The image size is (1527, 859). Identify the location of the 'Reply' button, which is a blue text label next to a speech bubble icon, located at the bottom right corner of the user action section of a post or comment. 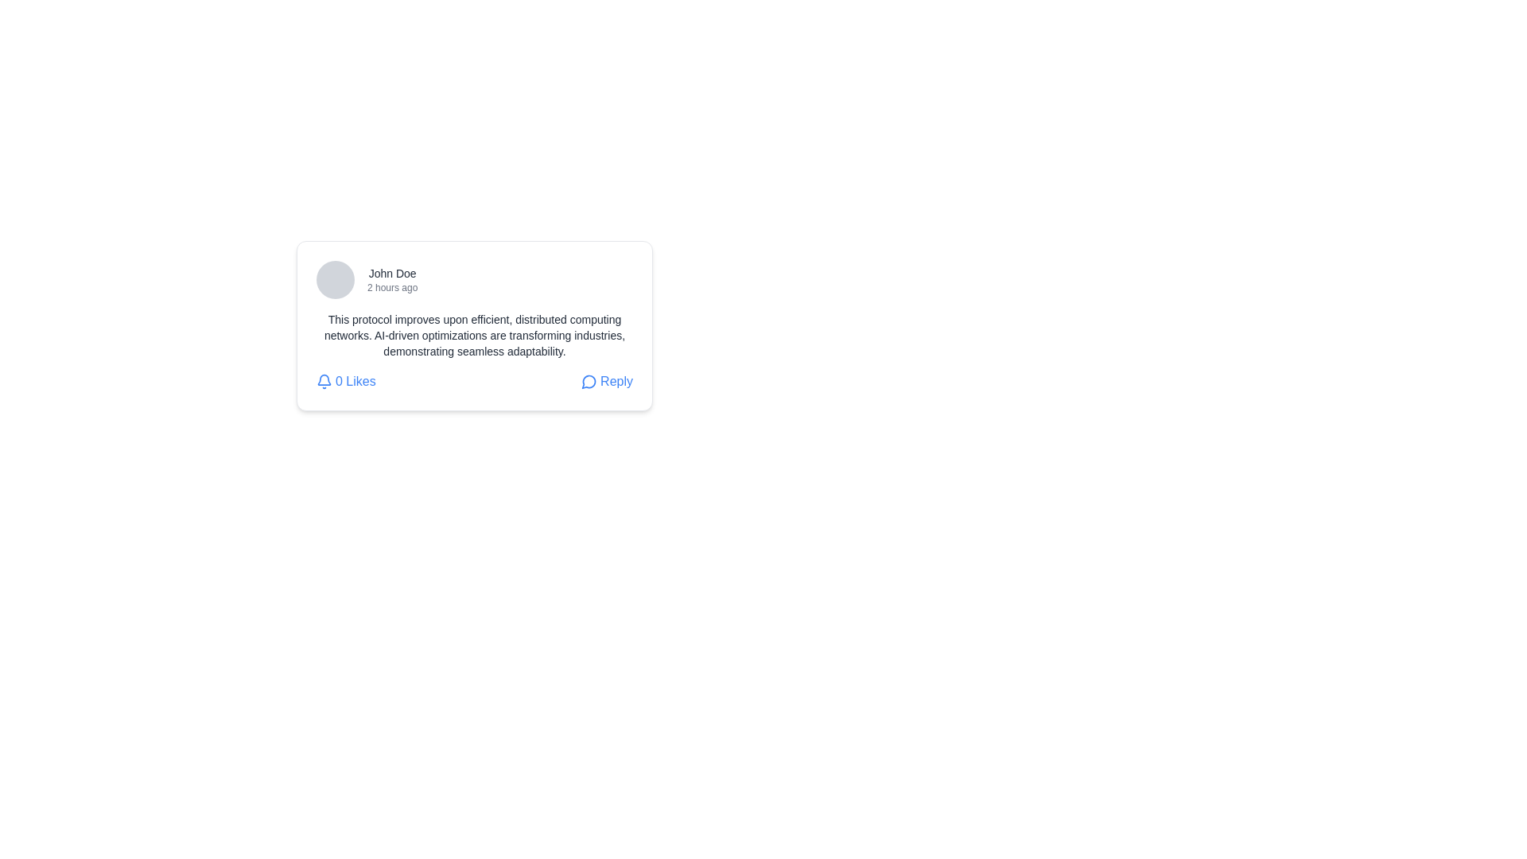
(606, 381).